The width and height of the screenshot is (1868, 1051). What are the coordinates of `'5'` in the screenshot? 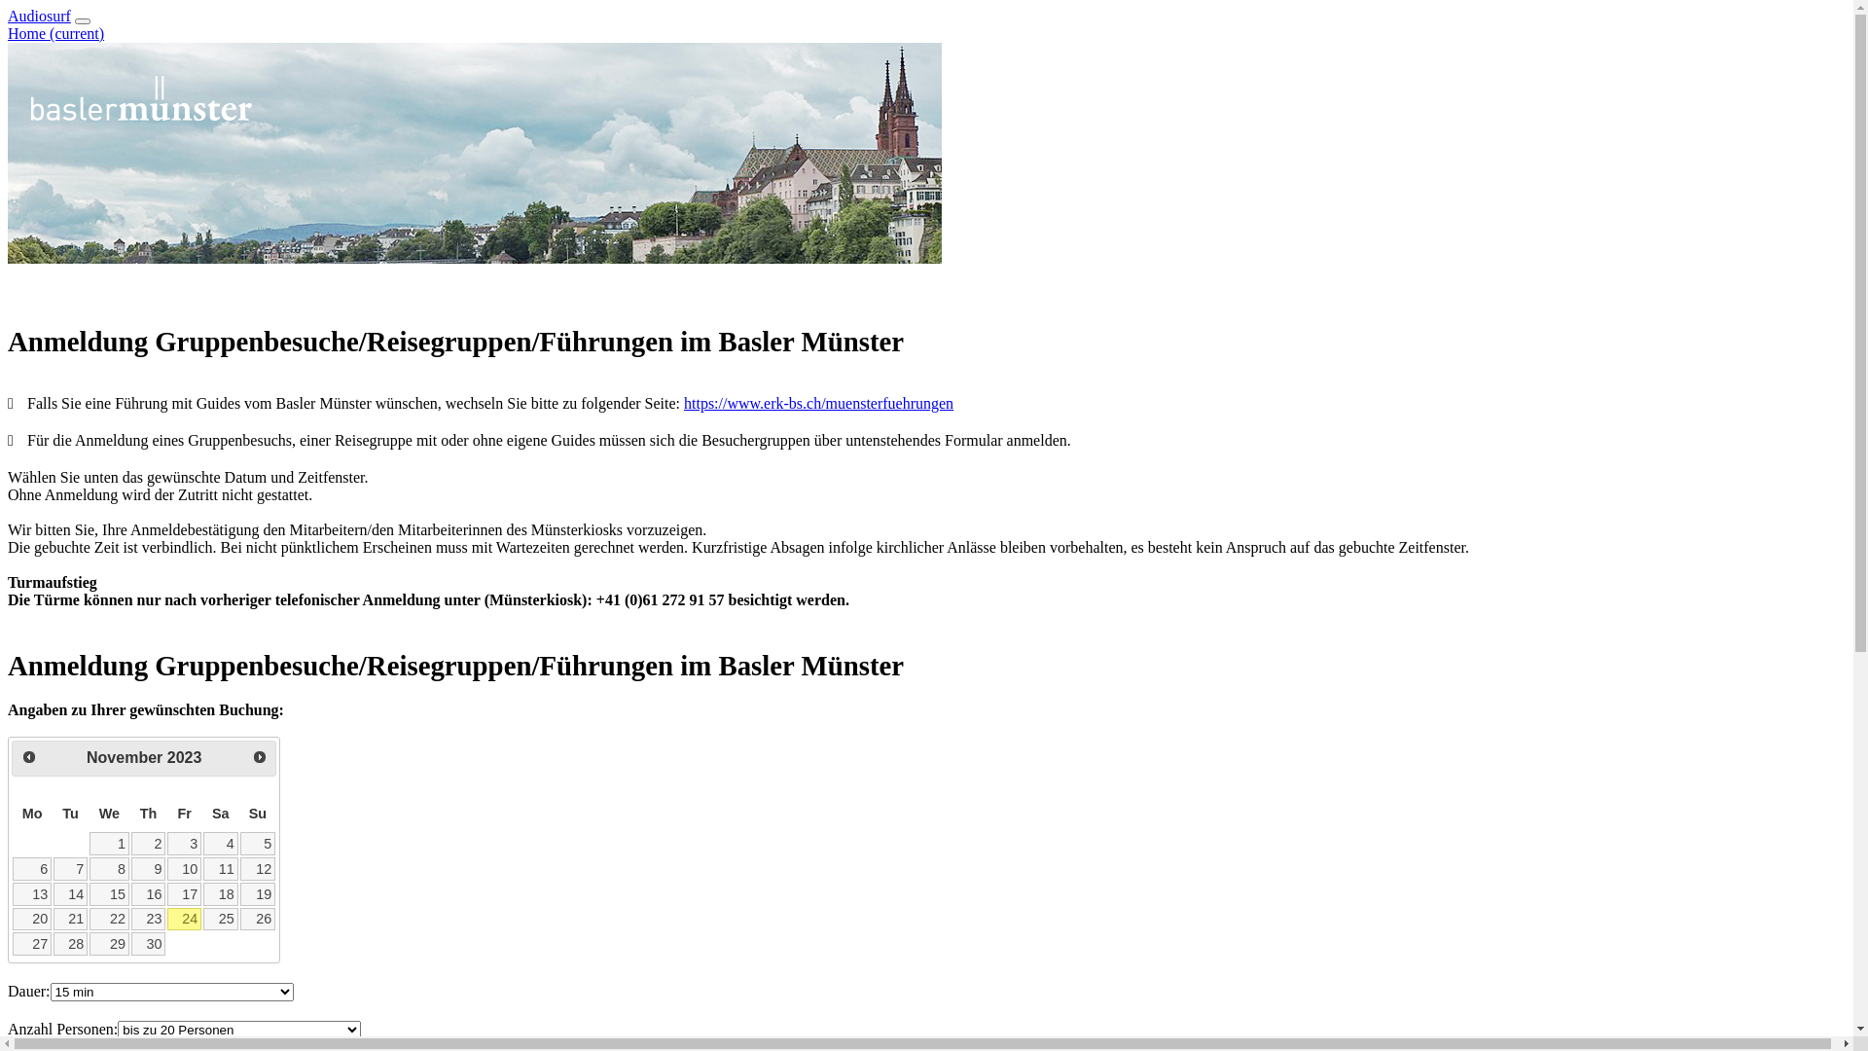 It's located at (257, 843).